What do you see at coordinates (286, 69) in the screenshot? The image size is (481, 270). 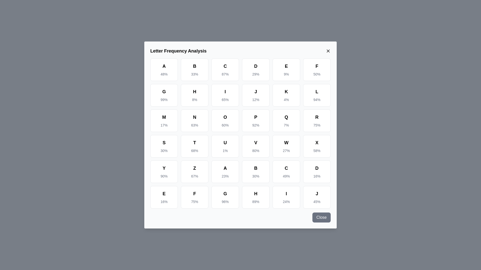 I see `the letter cell corresponding to E` at bounding box center [286, 69].